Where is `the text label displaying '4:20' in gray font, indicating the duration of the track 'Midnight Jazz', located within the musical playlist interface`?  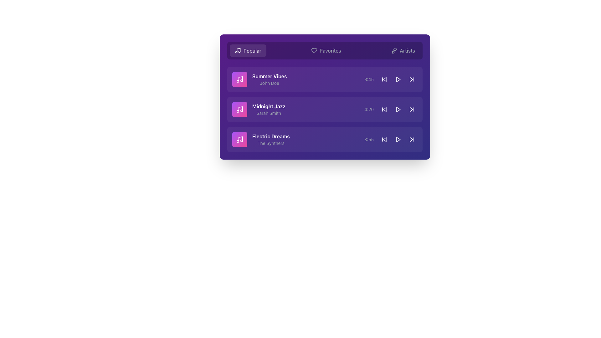 the text label displaying '4:20' in gray font, indicating the duration of the track 'Midnight Jazz', located within the musical playlist interface is located at coordinates (369, 109).